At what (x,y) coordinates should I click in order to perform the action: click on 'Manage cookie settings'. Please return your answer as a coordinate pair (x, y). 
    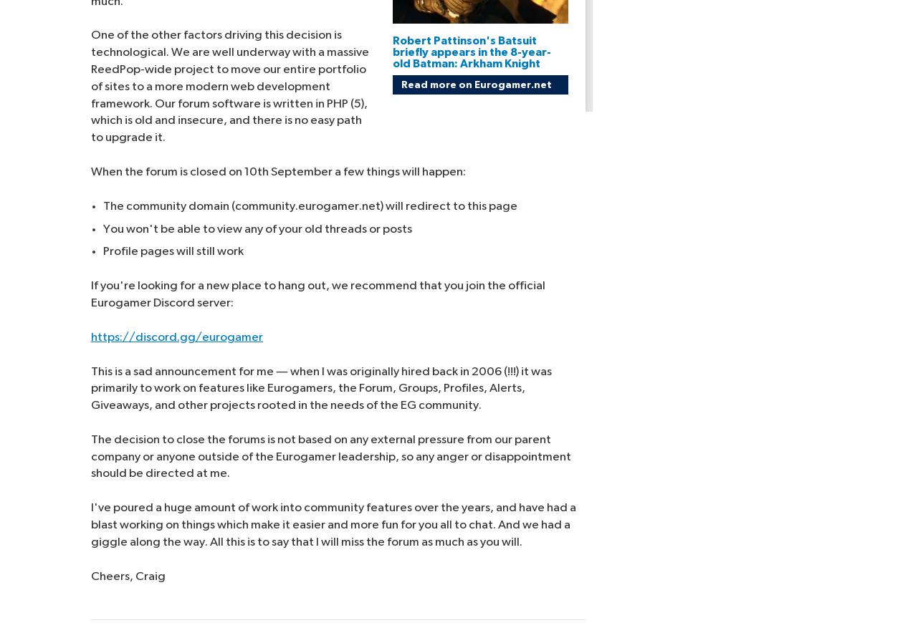
    Looking at the image, I should click on (469, 160).